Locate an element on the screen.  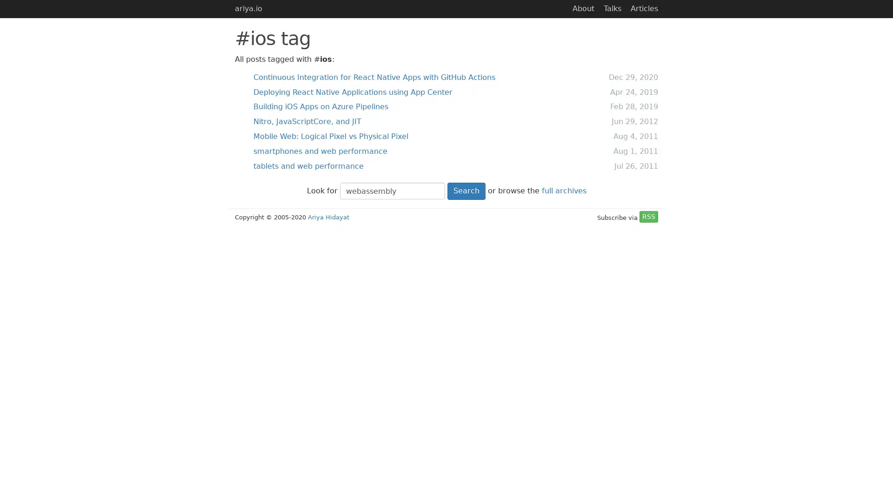
Search is located at coordinates (466, 190).